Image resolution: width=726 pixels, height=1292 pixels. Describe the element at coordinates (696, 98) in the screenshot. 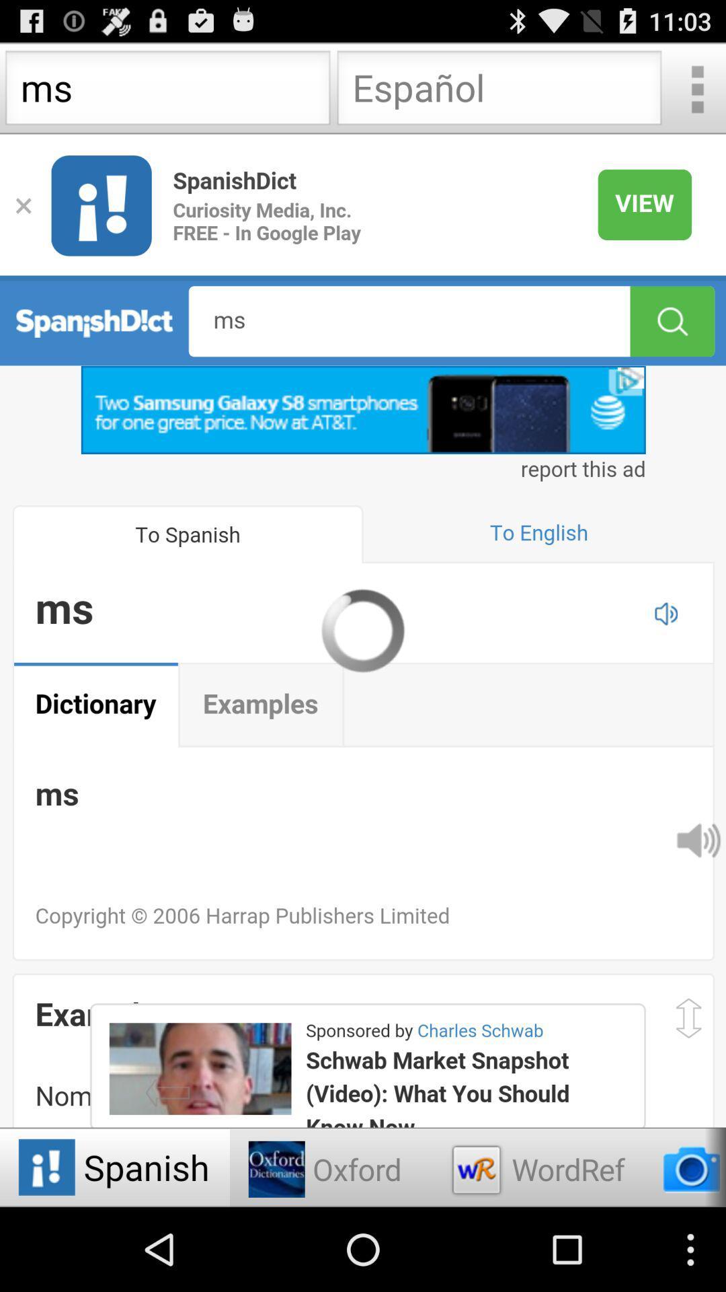

I see `the more icon` at that location.